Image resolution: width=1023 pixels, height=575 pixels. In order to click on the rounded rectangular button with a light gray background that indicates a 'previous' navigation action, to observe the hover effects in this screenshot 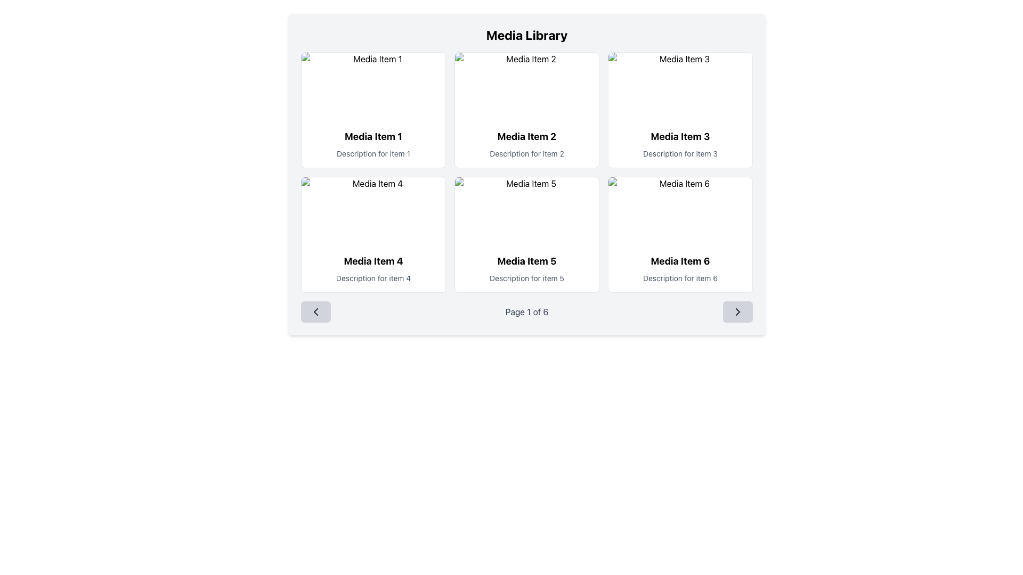, I will do `click(315, 311)`.